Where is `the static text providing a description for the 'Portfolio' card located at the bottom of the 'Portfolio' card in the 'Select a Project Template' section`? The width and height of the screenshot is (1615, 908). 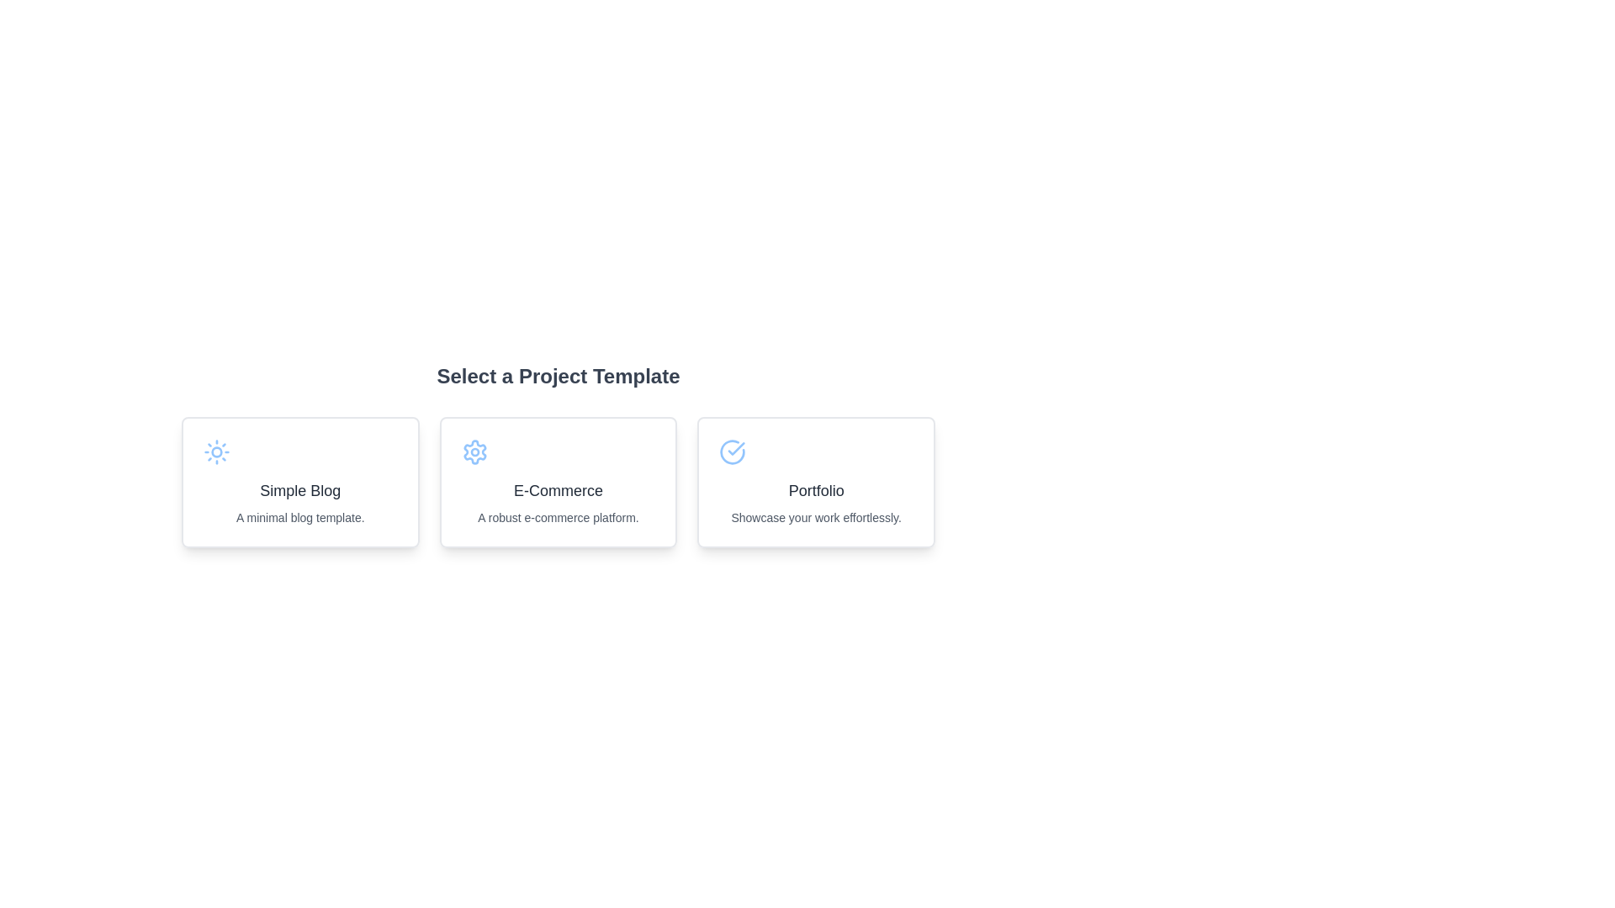 the static text providing a description for the 'Portfolio' card located at the bottom of the 'Portfolio' card in the 'Select a Project Template' section is located at coordinates (816, 517).